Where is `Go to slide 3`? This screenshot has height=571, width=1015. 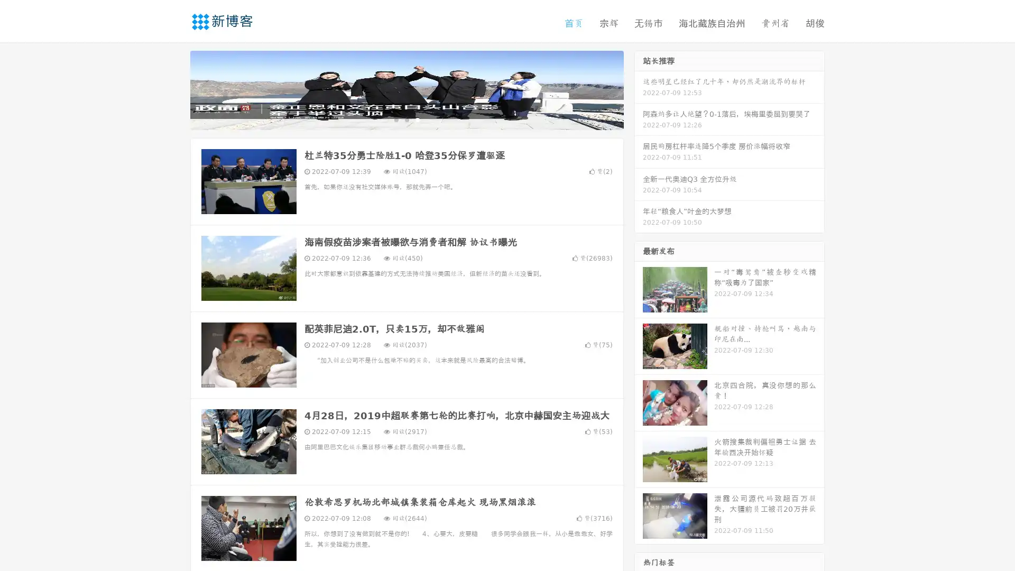
Go to slide 3 is located at coordinates (417, 119).